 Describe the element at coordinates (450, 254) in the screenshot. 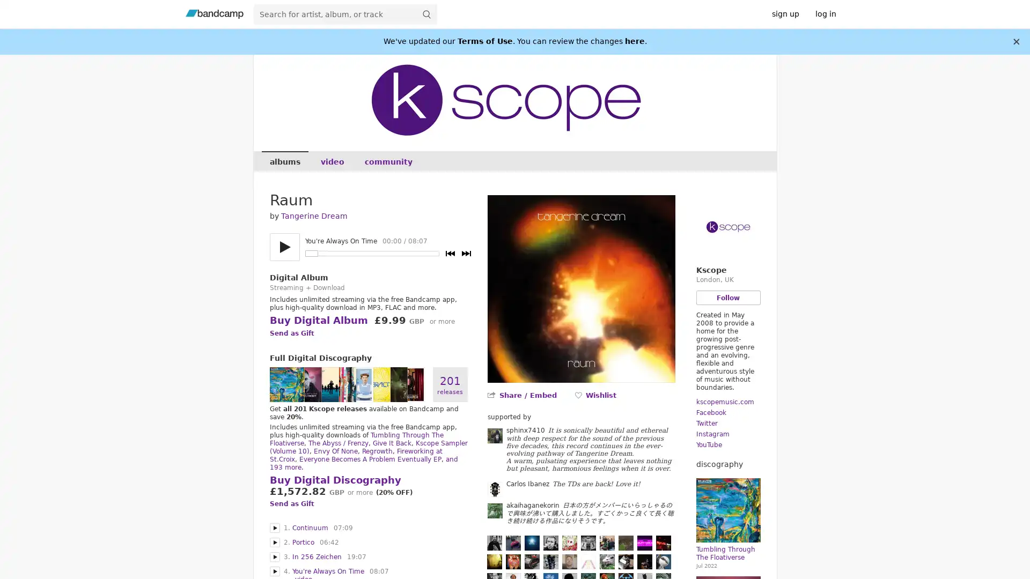

I see `Previous track` at that location.